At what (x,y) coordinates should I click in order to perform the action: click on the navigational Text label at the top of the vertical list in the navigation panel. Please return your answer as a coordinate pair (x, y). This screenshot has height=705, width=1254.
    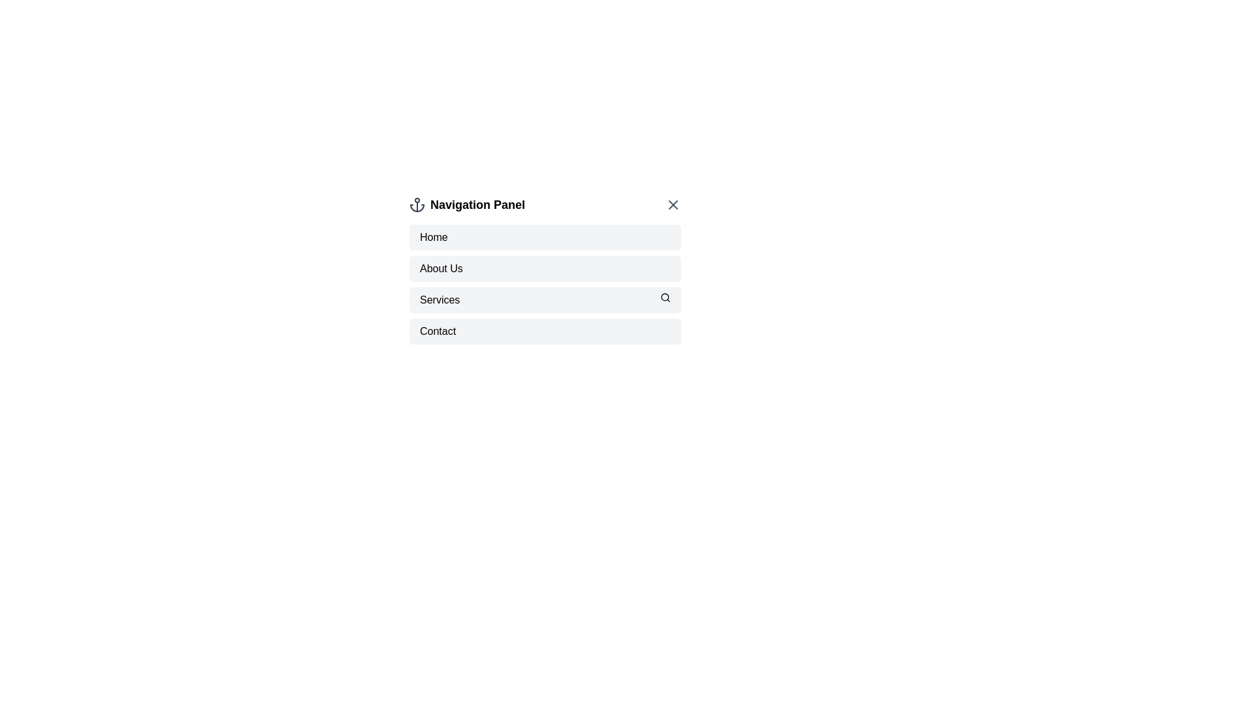
    Looking at the image, I should click on (434, 237).